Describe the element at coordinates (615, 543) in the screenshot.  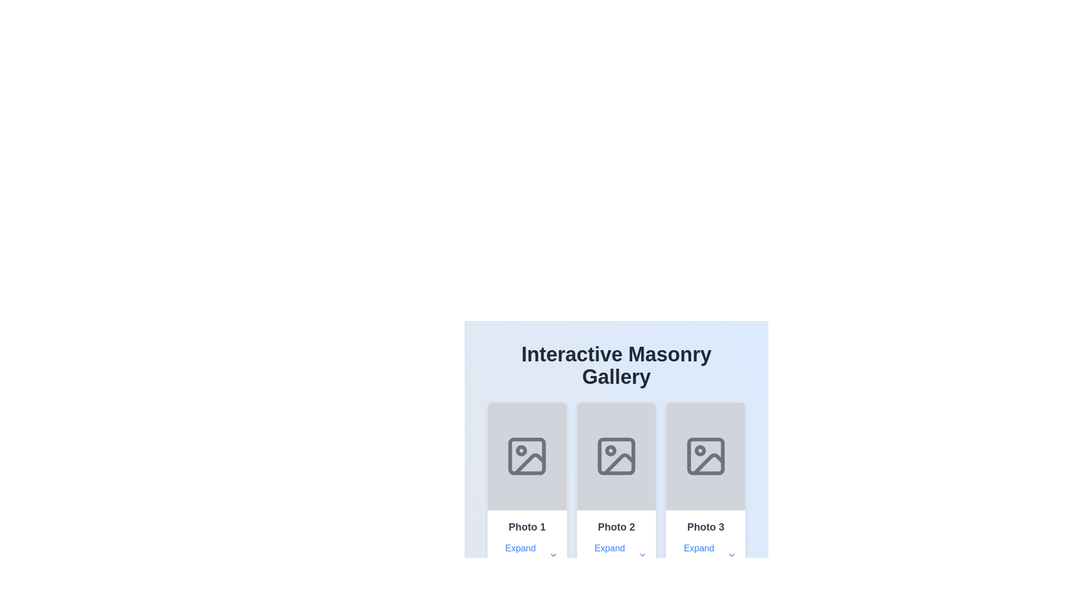
I see `the 'Photo 2' button with gray background and white text` at that location.